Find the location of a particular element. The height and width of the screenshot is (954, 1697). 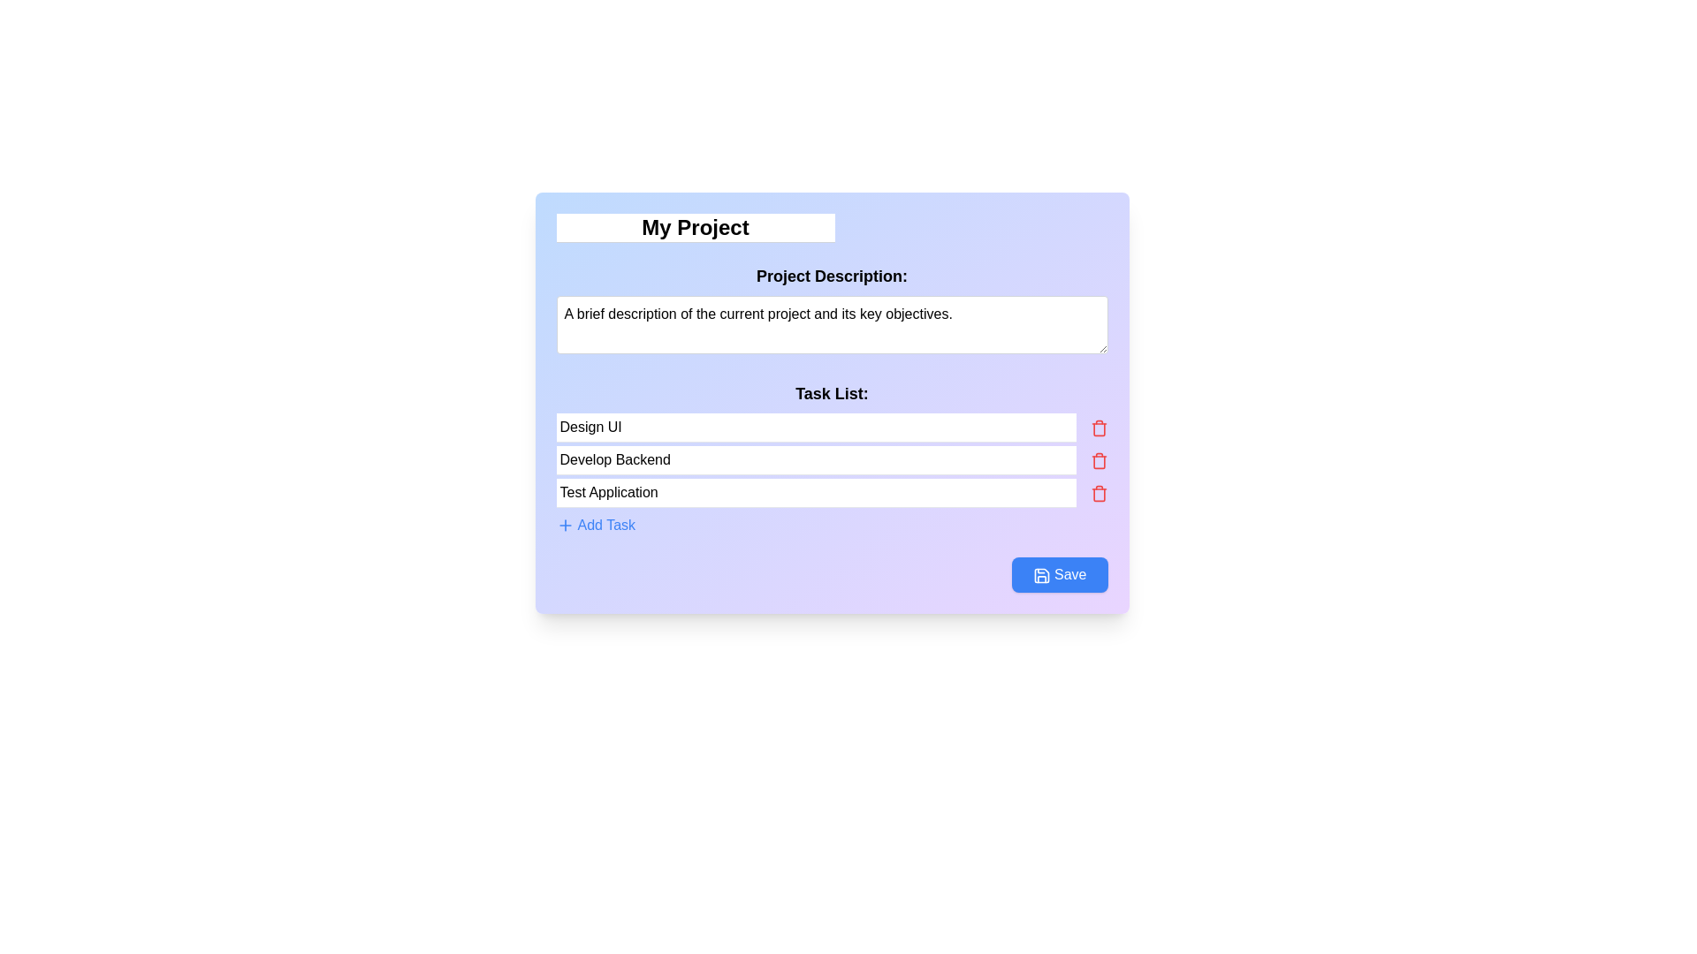

the delete button associated with the task entry 'Develop Backend' is located at coordinates (1098, 459).